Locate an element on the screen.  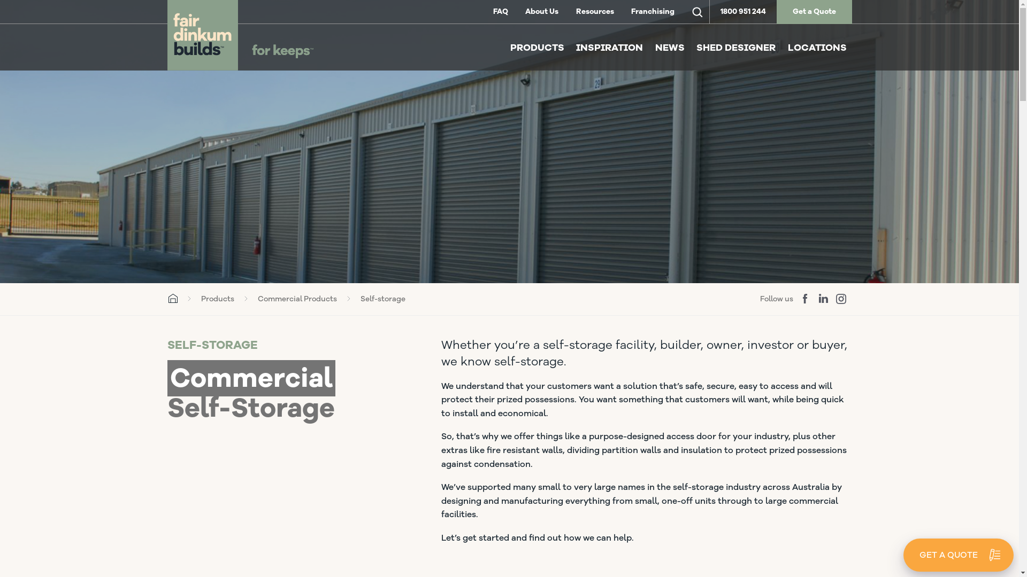
'Get a Quote' is located at coordinates (814, 12).